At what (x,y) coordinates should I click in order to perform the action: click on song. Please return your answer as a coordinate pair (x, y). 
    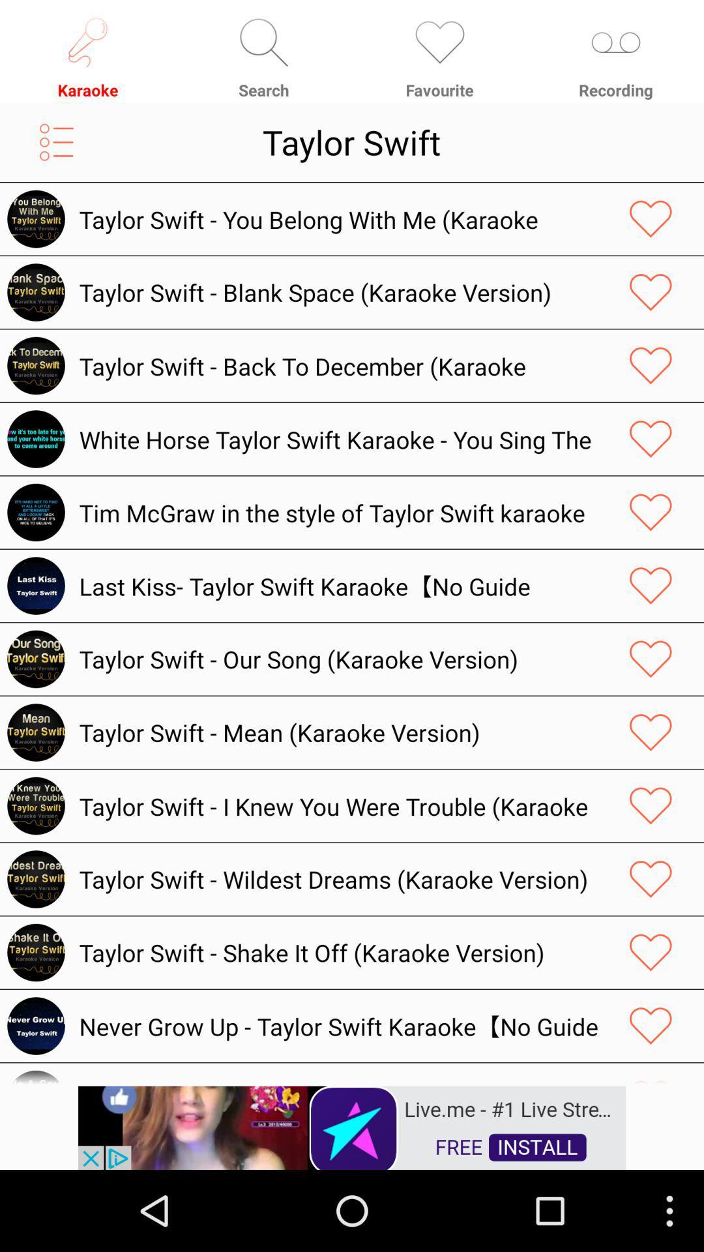
    Looking at the image, I should click on (651, 1076).